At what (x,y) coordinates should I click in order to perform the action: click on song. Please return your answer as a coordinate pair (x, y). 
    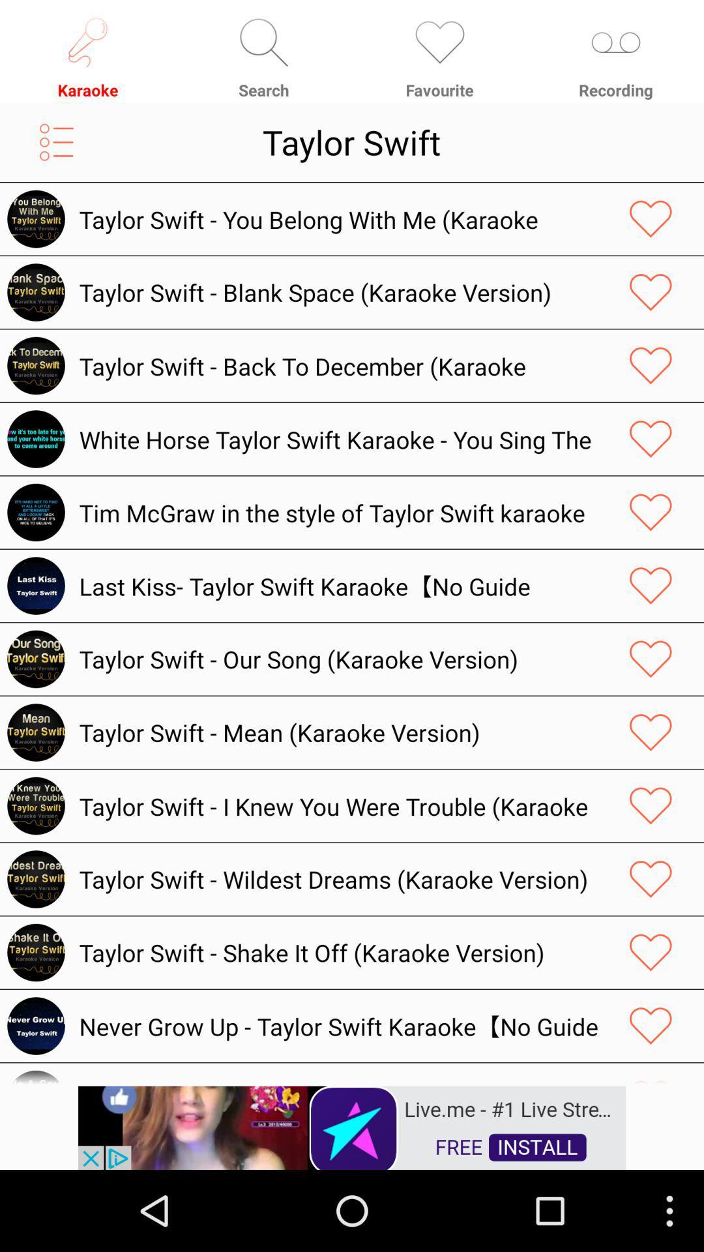
    Looking at the image, I should click on (651, 1076).